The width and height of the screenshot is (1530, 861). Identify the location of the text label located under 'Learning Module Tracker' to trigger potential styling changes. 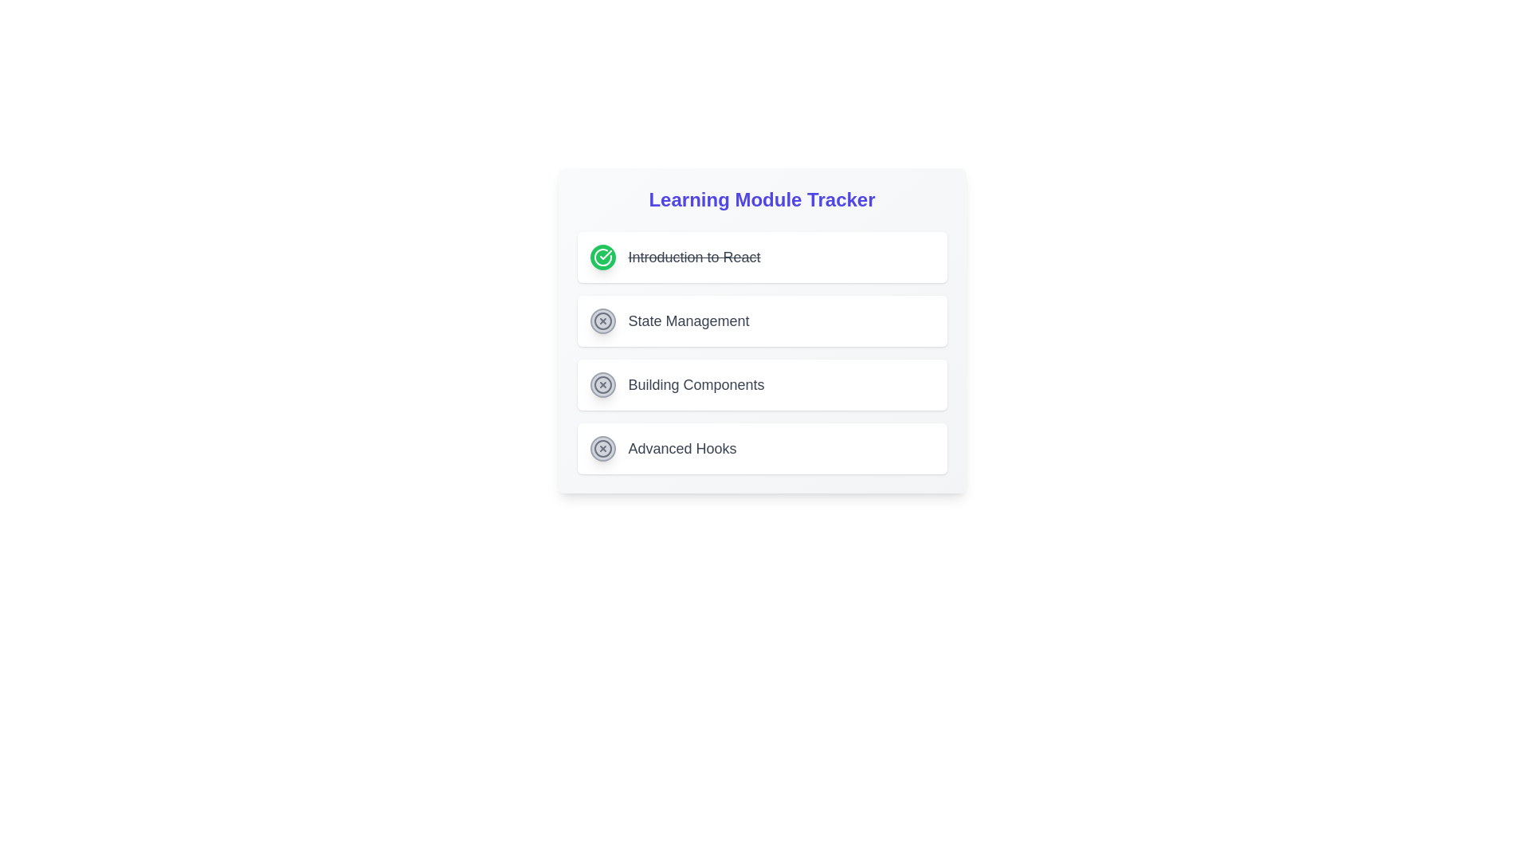
(682, 449).